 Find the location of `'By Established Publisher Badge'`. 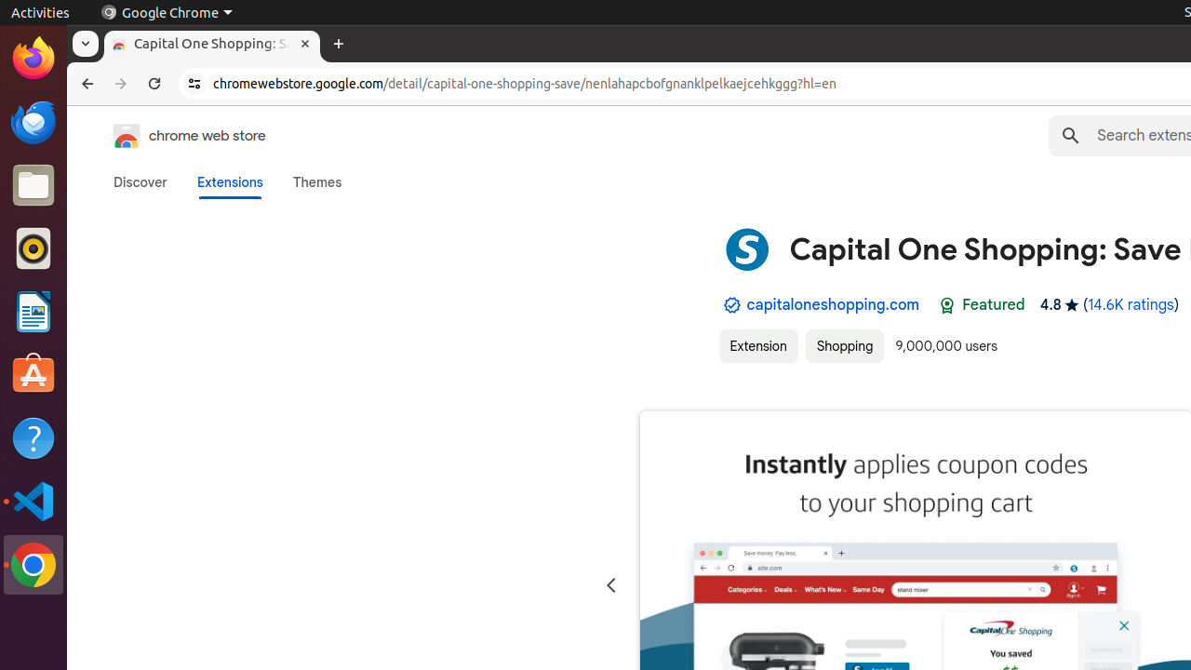

'By Established Publisher Badge' is located at coordinates (730, 304).